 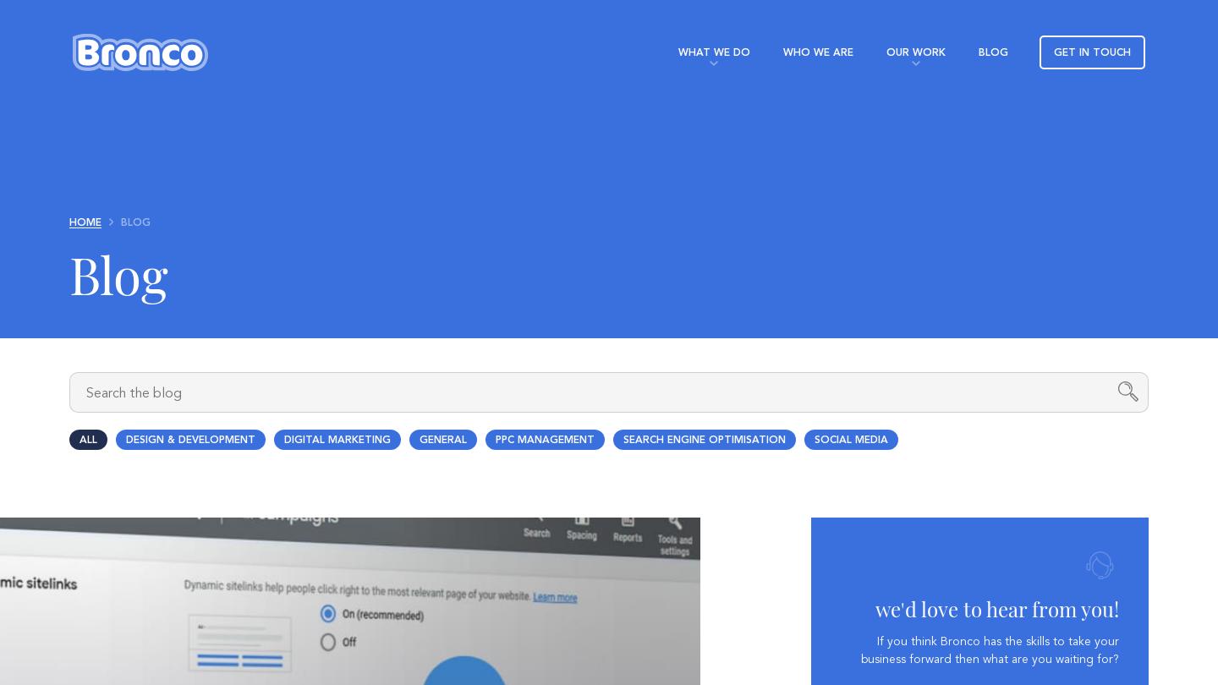 I want to click on 'Who We Are', so click(x=816, y=52).